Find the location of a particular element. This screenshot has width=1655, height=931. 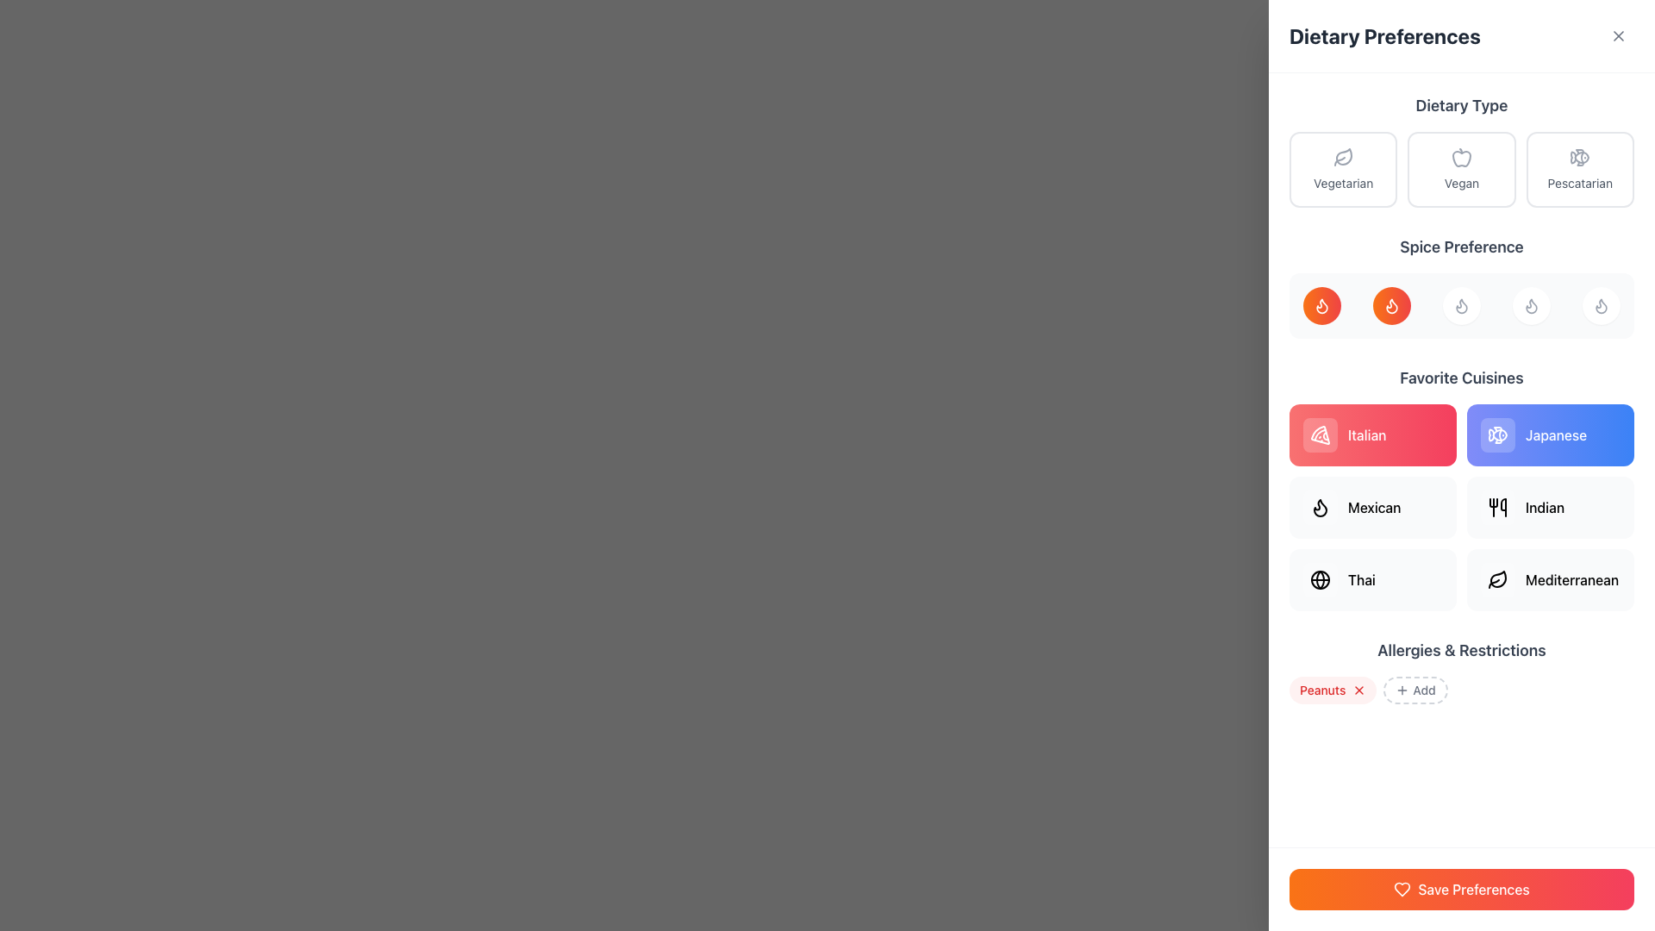

the decorative icon located on the left side of the 'Save Preferences' button to initiate interaction is located at coordinates (1402, 890).